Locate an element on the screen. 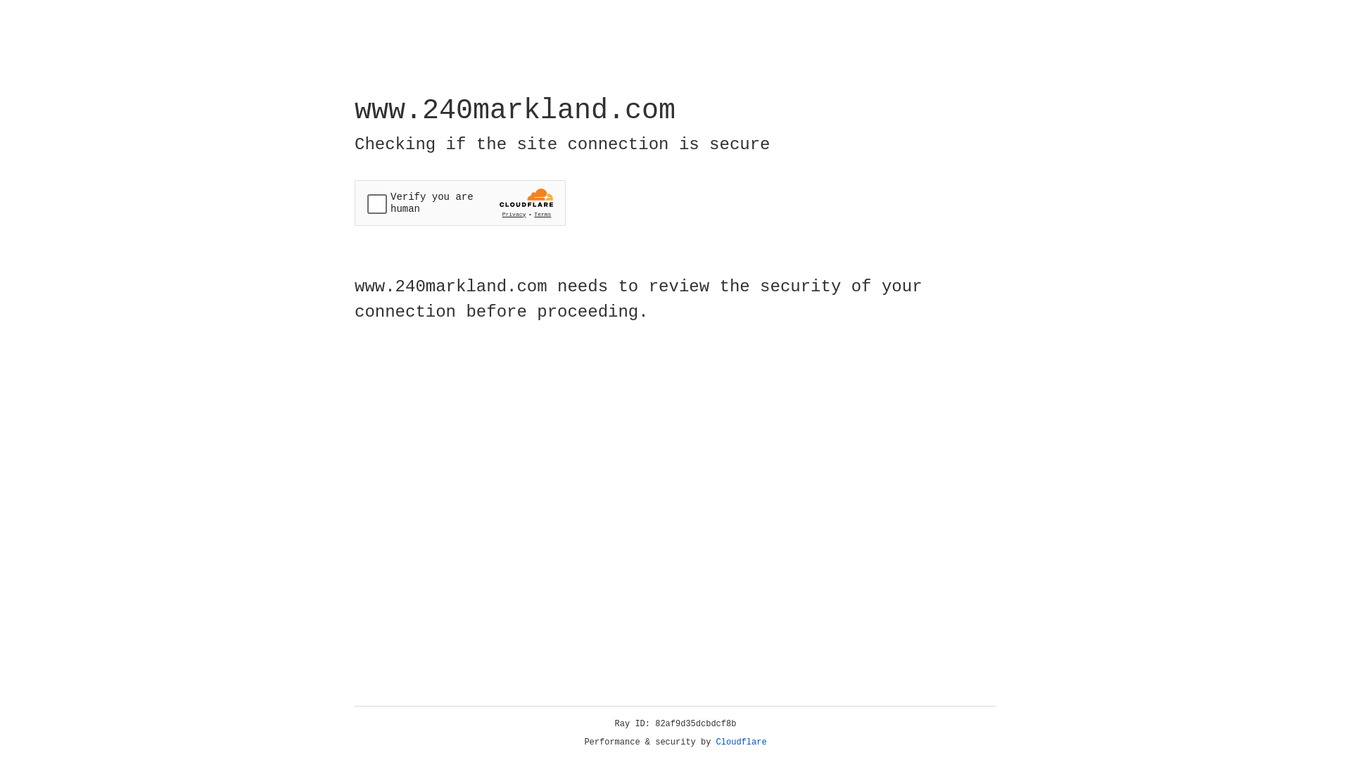 This screenshot has width=1351, height=760. 'Widget containing a Cloudflare security challenge' is located at coordinates (459, 203).